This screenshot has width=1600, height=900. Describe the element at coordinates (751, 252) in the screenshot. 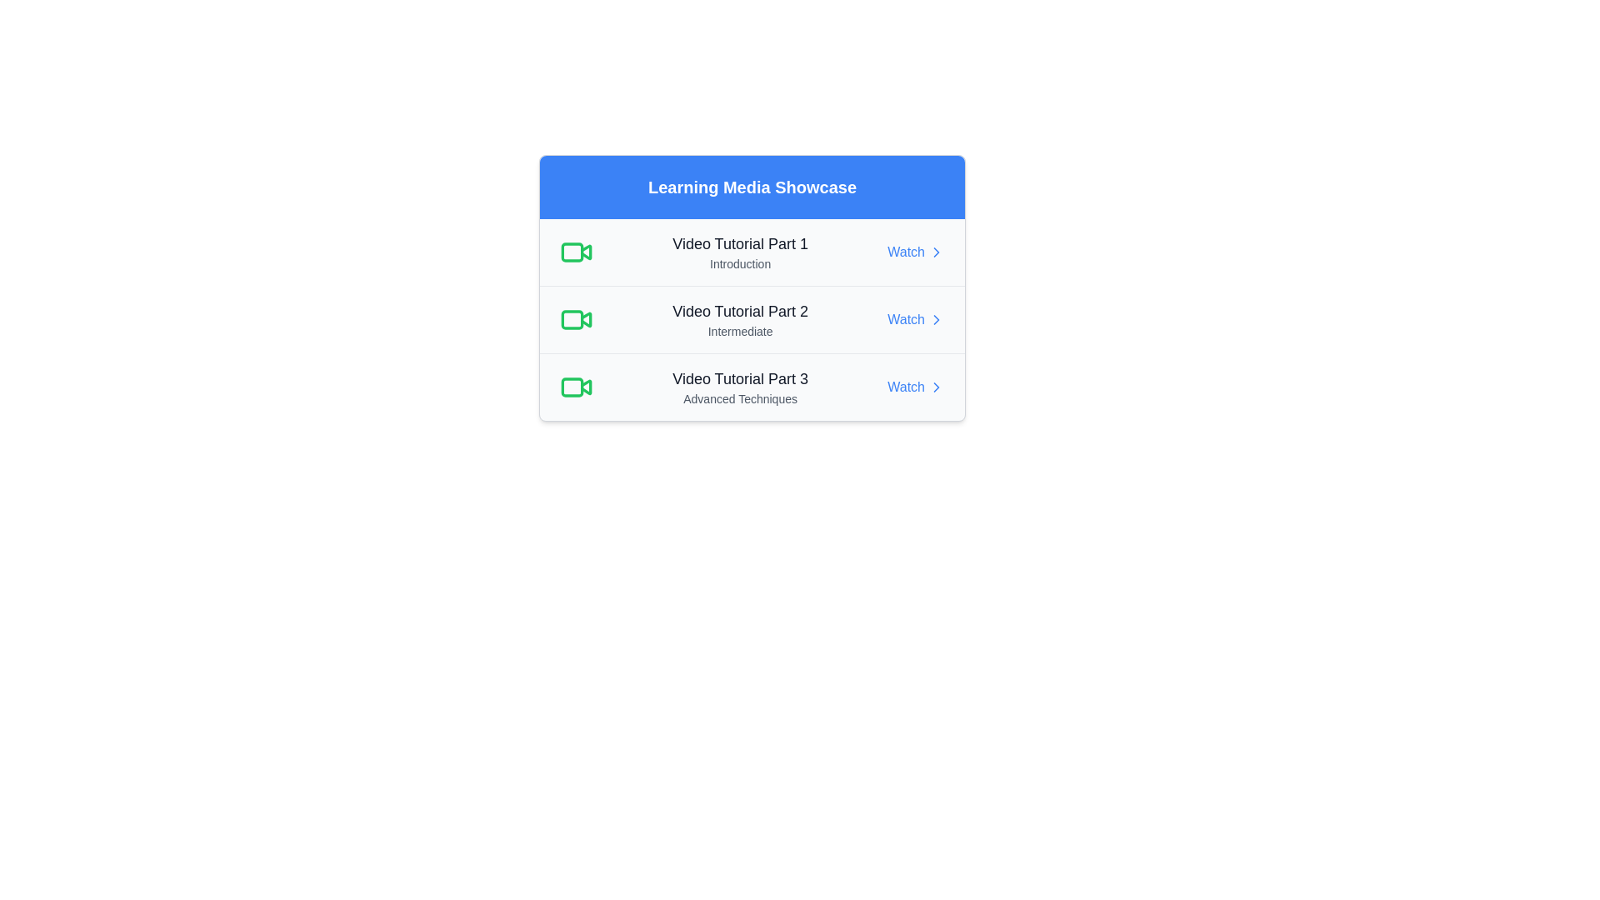

I see `text content of the first list item in the 'Learning Media Showcase', which includes 'Video Tutorial Part 1' and 'Introduction'` at that location.